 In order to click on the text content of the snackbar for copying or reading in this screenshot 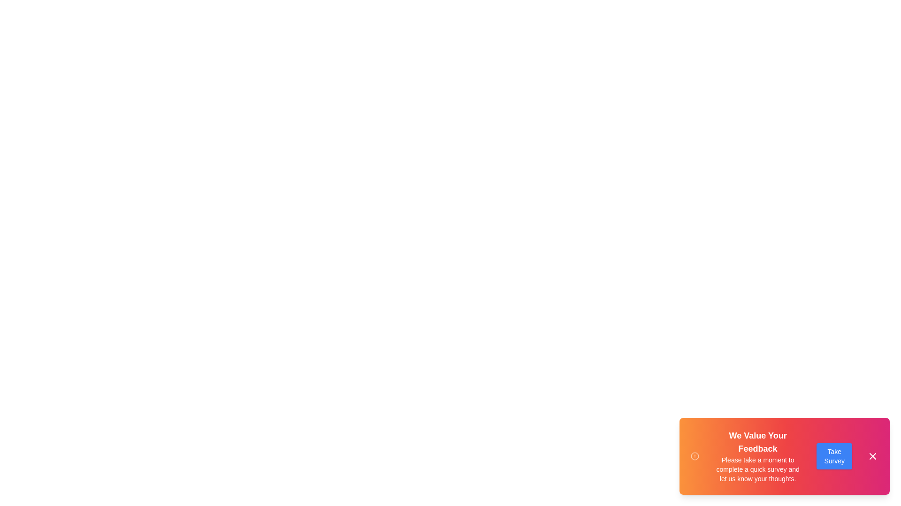, I will do `click(713, 429)`.